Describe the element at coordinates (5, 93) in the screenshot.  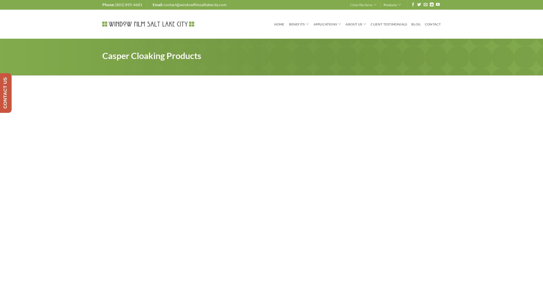
I see `'CONTACT US'` at that location.